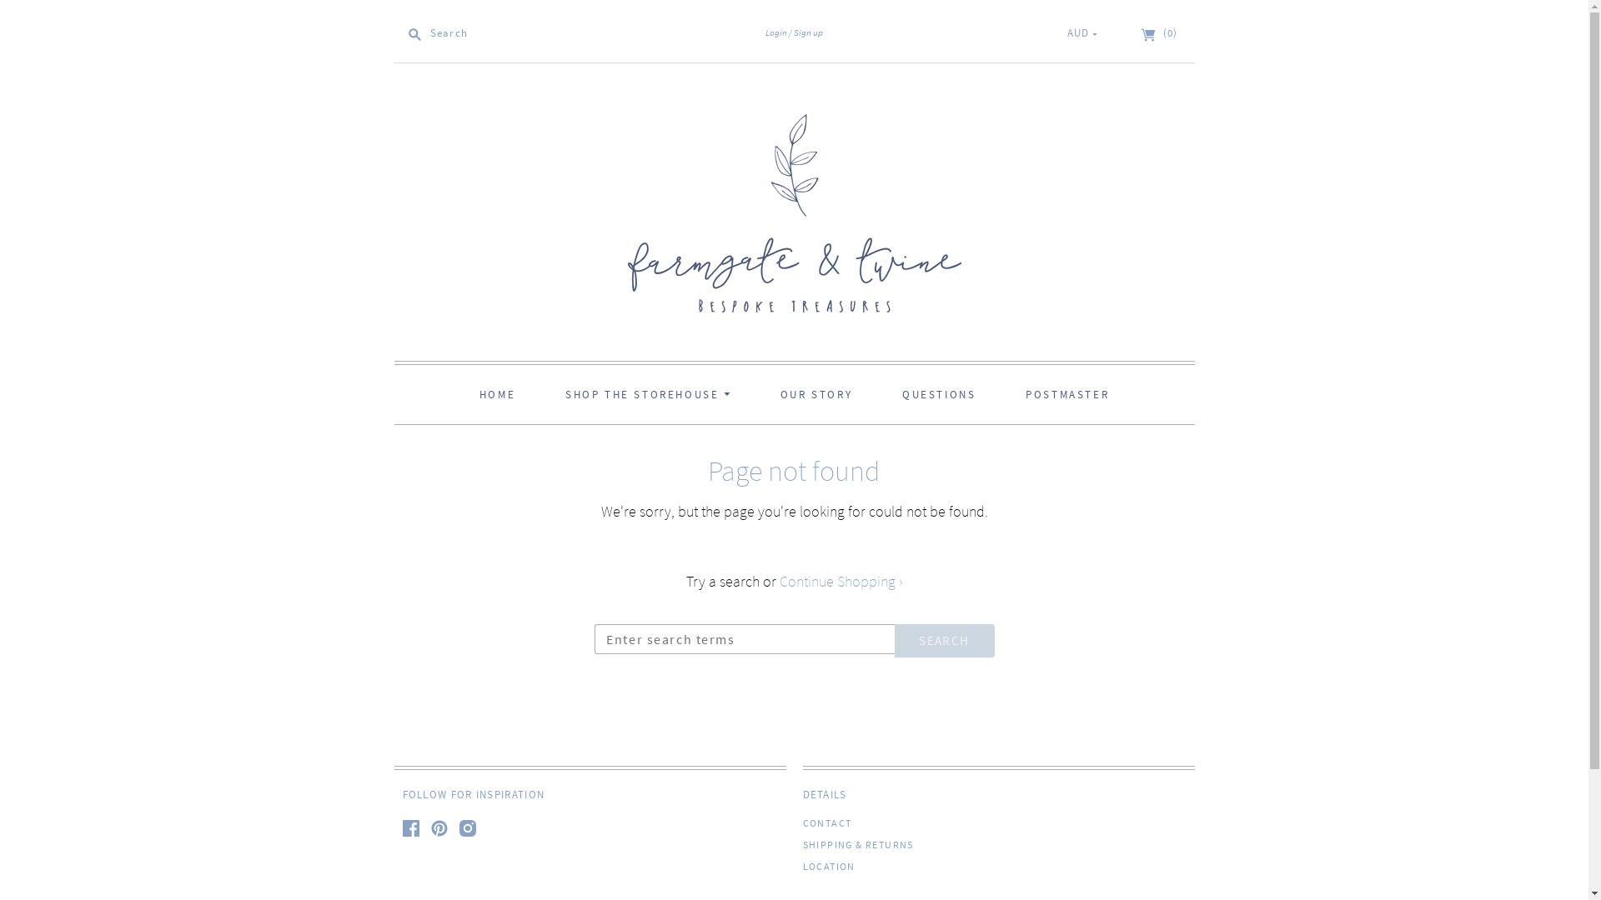  I want to click on 'SHIPPING & RETURNS', so click(801, 844).